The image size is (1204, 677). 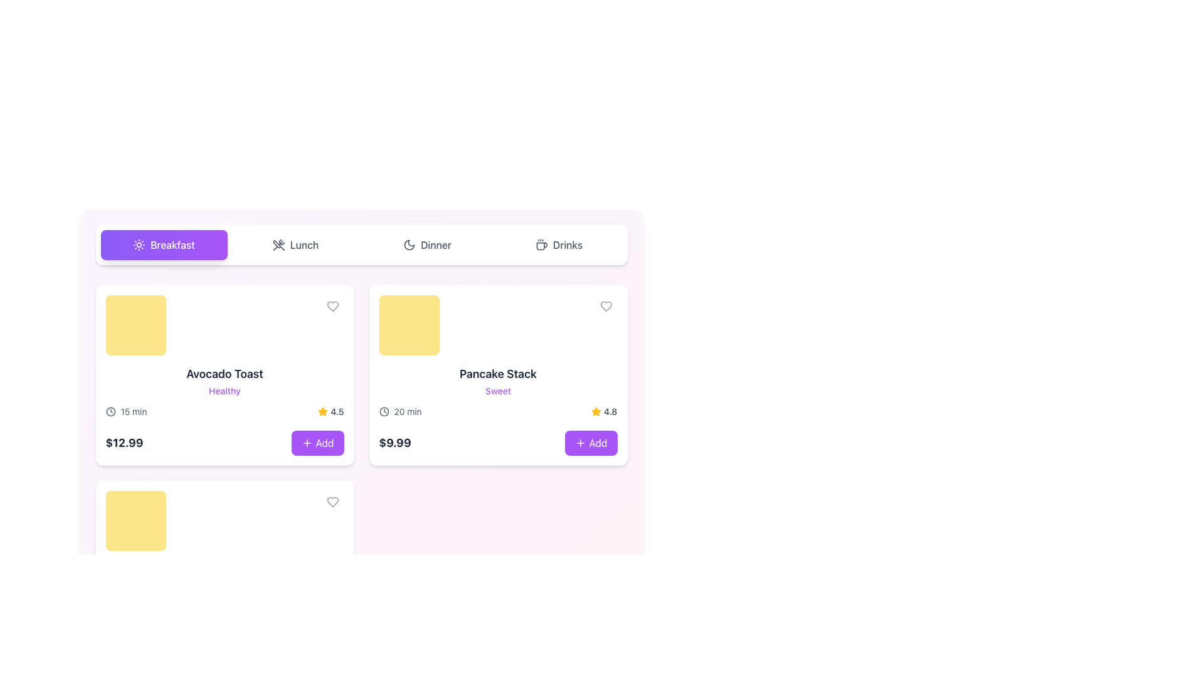 I want to click on the 'Lunch' button in the horizontal menu to activate hover effects, so click(x=295, y=244).